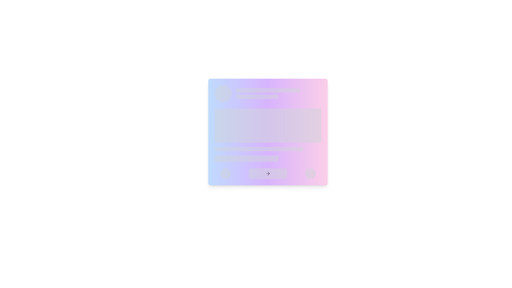  What do you see at coordinates (259, 149) in the screenshot?
I see `the Decorative bar, which is a non-interactive visual component located centrally in the interface, positioned between a larger rectangular area above and a shorter horizontal bar below` at bounding box center [259, 149].